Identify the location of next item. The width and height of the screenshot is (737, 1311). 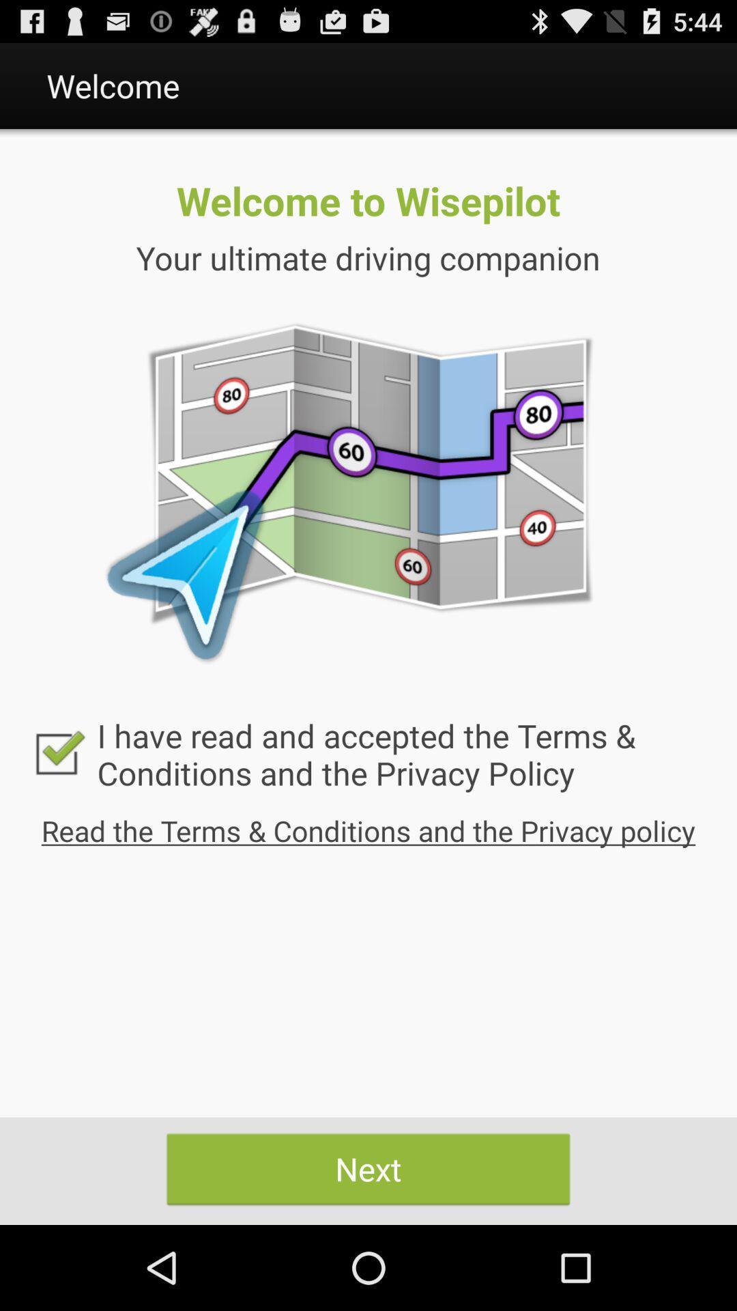
(369, 1168).